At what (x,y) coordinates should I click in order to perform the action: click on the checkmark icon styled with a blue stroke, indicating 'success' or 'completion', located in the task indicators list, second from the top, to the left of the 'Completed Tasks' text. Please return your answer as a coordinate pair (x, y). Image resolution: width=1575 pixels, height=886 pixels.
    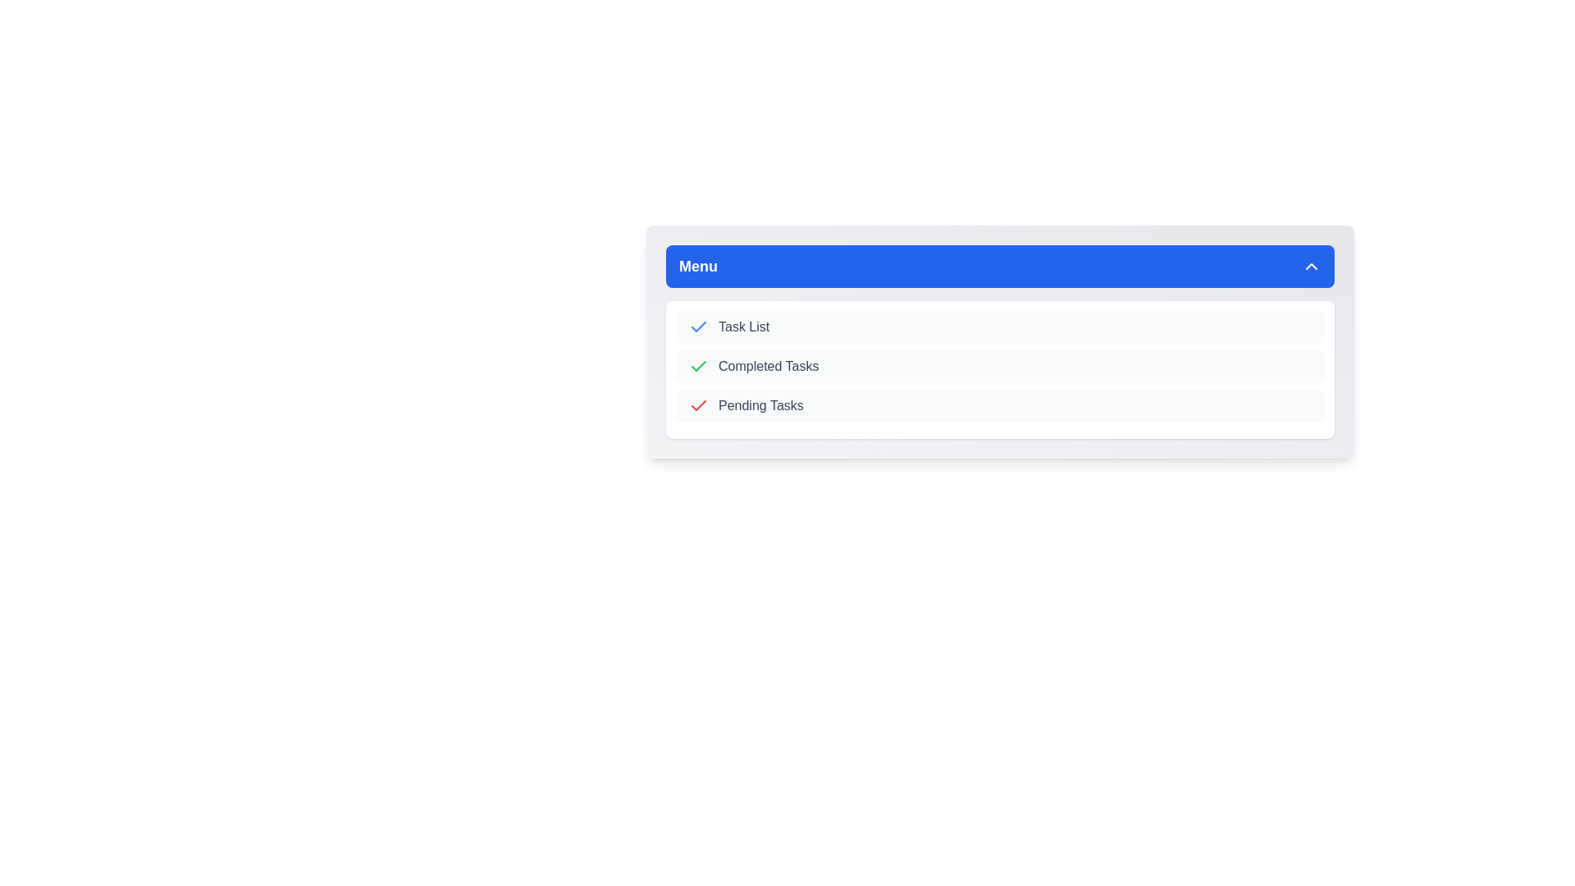
    Looking at the image, I should click on (698, 327).